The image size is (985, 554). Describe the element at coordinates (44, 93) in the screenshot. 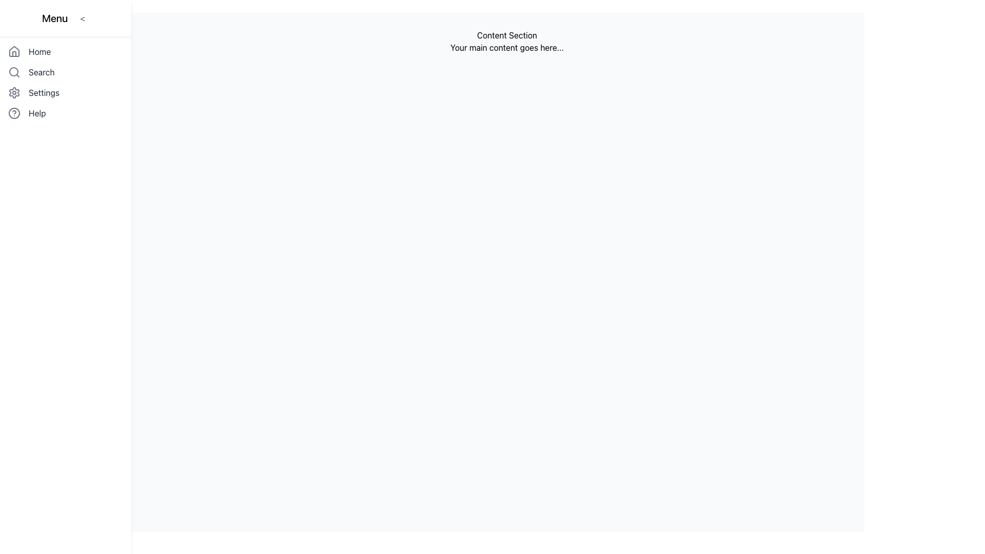

I see `the 'Settings' text label in the vertical navigation menu, which is the third entry under 'Menu' and is adjacent to a gear icon` at that location.